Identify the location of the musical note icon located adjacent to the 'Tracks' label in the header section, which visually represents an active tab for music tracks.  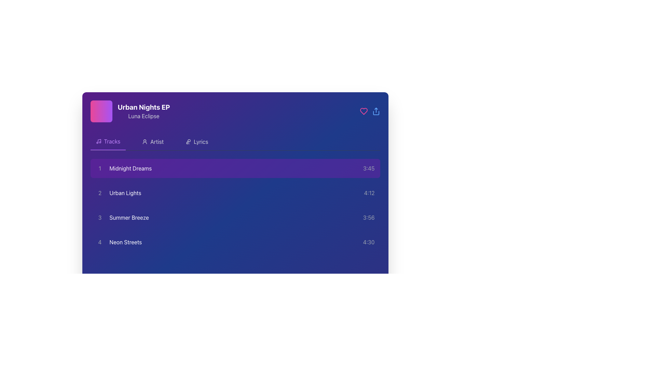
(99, 140).